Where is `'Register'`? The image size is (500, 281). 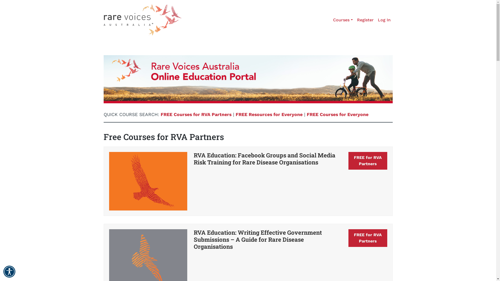
'Register' is located at coordinates (354, 20).